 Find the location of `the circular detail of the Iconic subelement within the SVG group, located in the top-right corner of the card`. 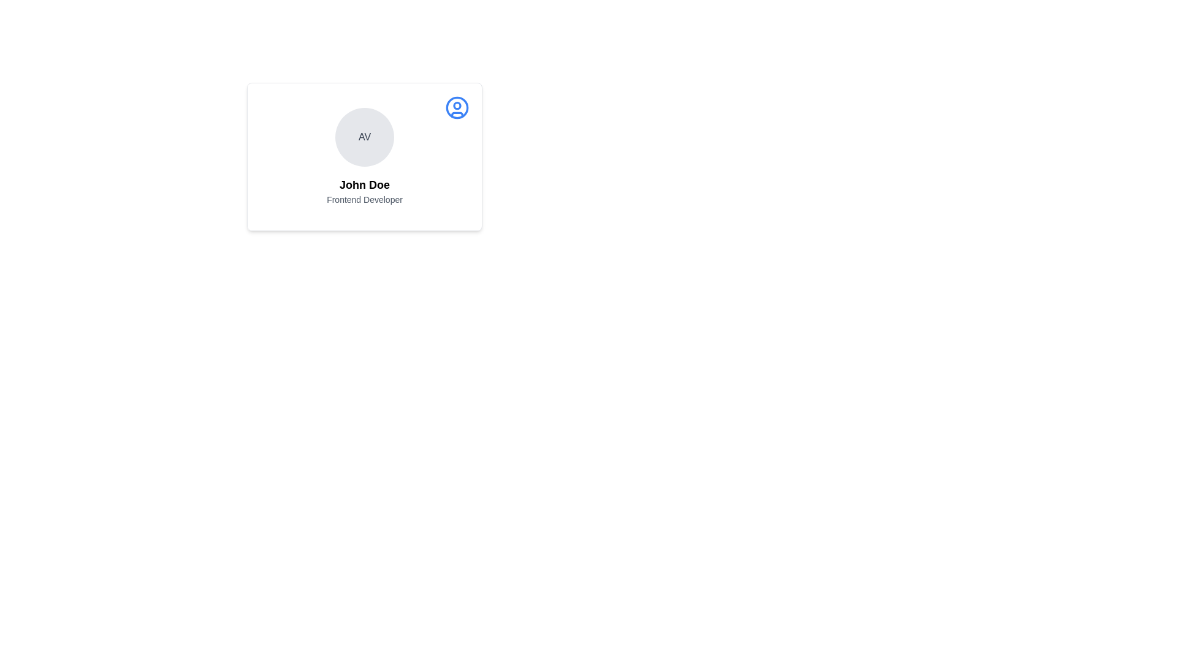

the circular detail of the Iconic subelement within the SVG group, located in the top-right corner of the card is located at coordinates (456, 105).